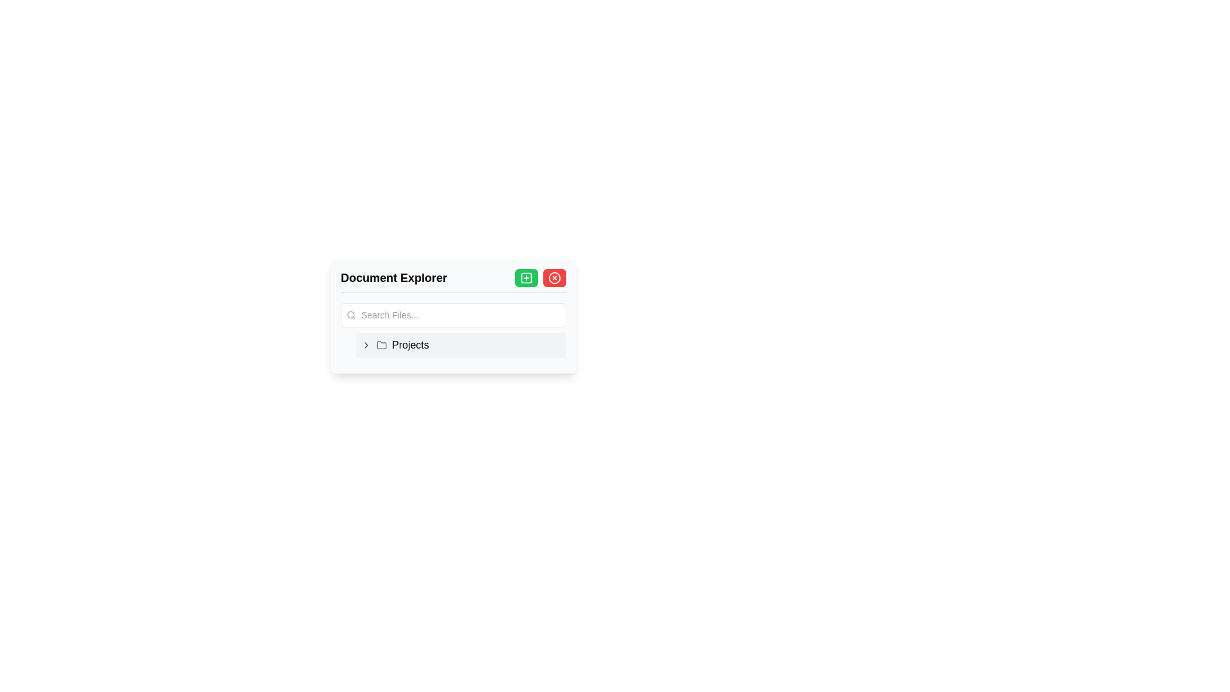 This screenshot has width=1230, height=692. I want to click on the folder icon representing the 'Projects' label in the file explorer section, so click(381, 343).